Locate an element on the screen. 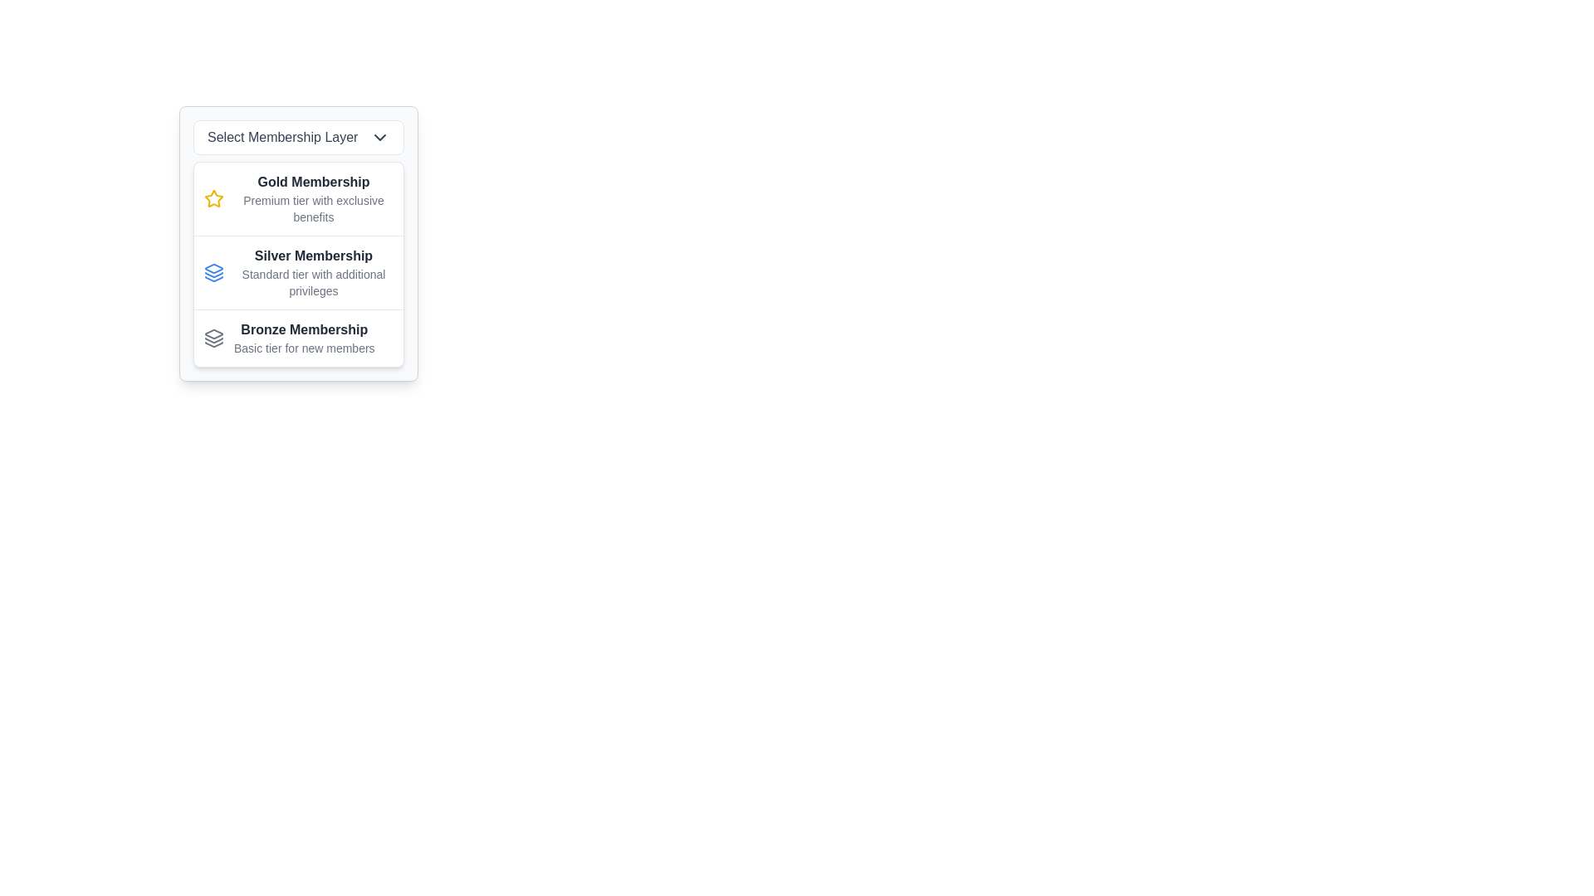  the descriptive text label providing additional information about the 'Gold Membership' option, located directly beneath the 'Gold Membership' heading is located at coordinates (314, 207).